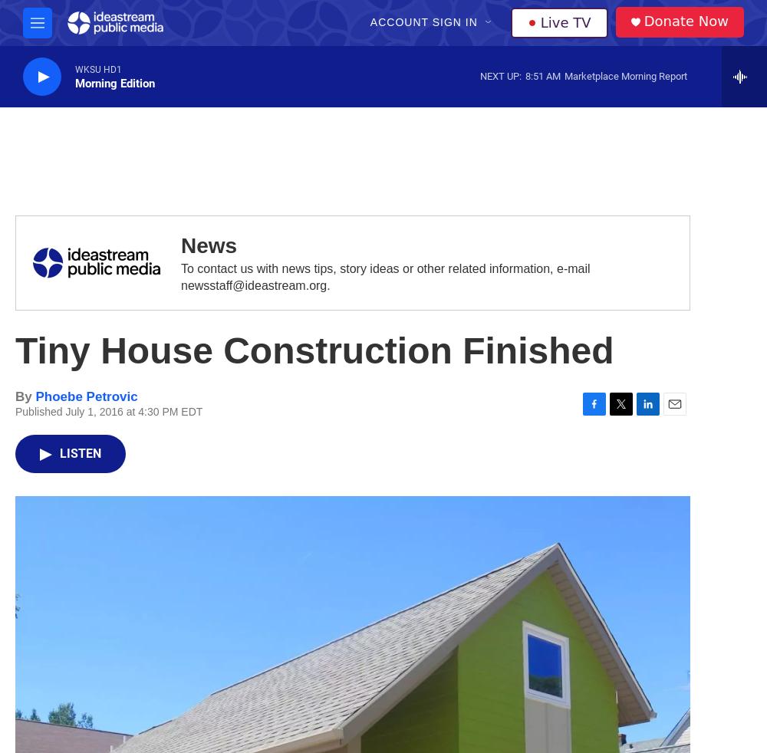 The width and height of the screenshot is (767, 753). I want to click on 'Morning Edition', so click(115, 83).